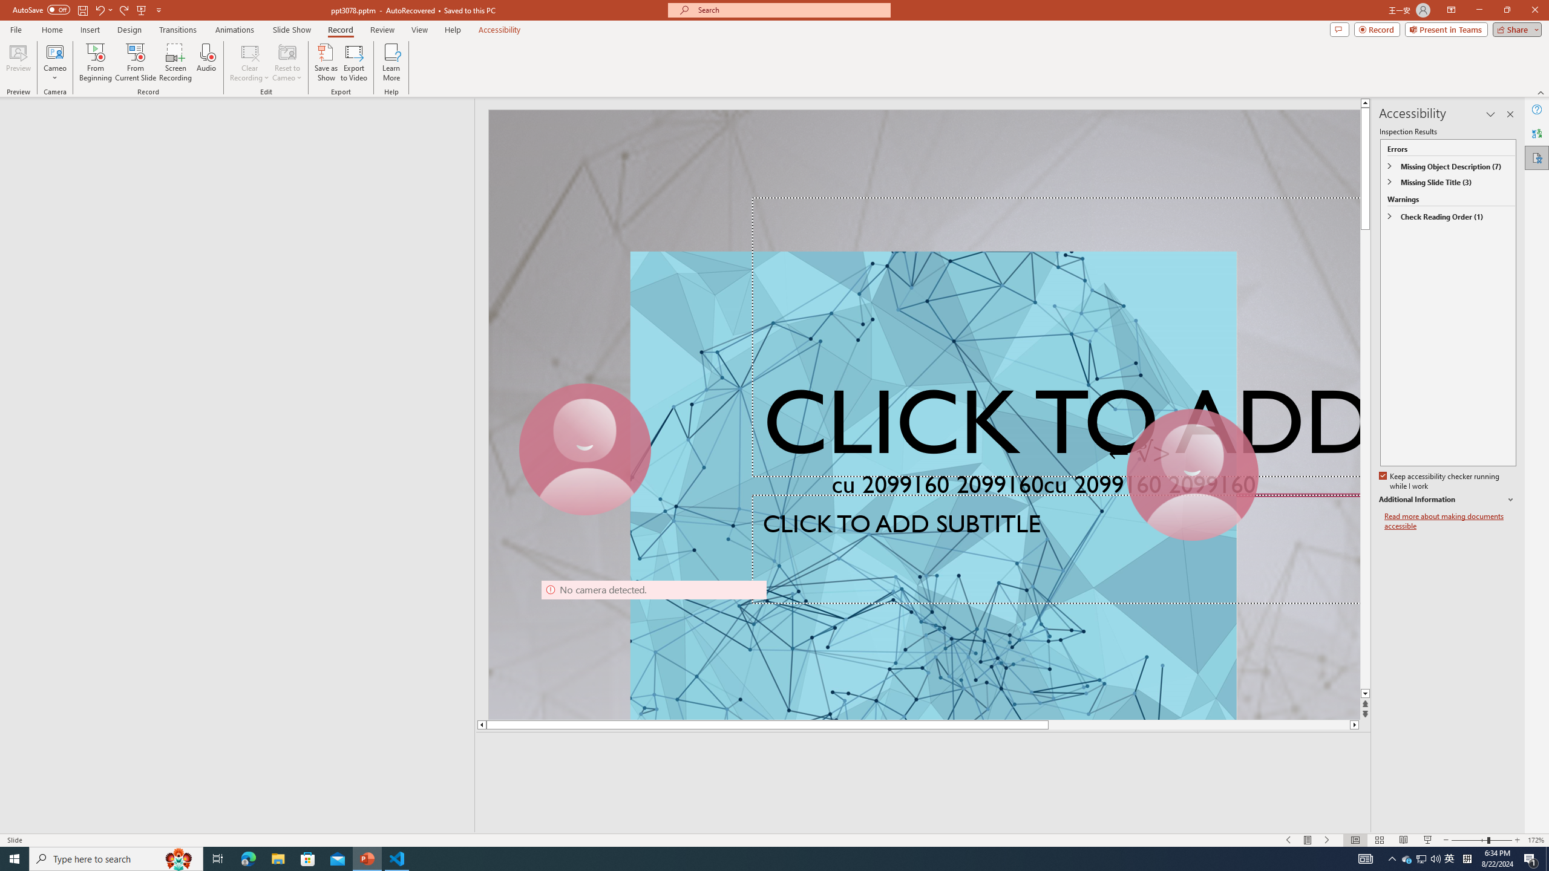  What do you see at coordinates (391, 62) in the screenshot?
I see `'Learn More'` at bounding box center [391, 62].